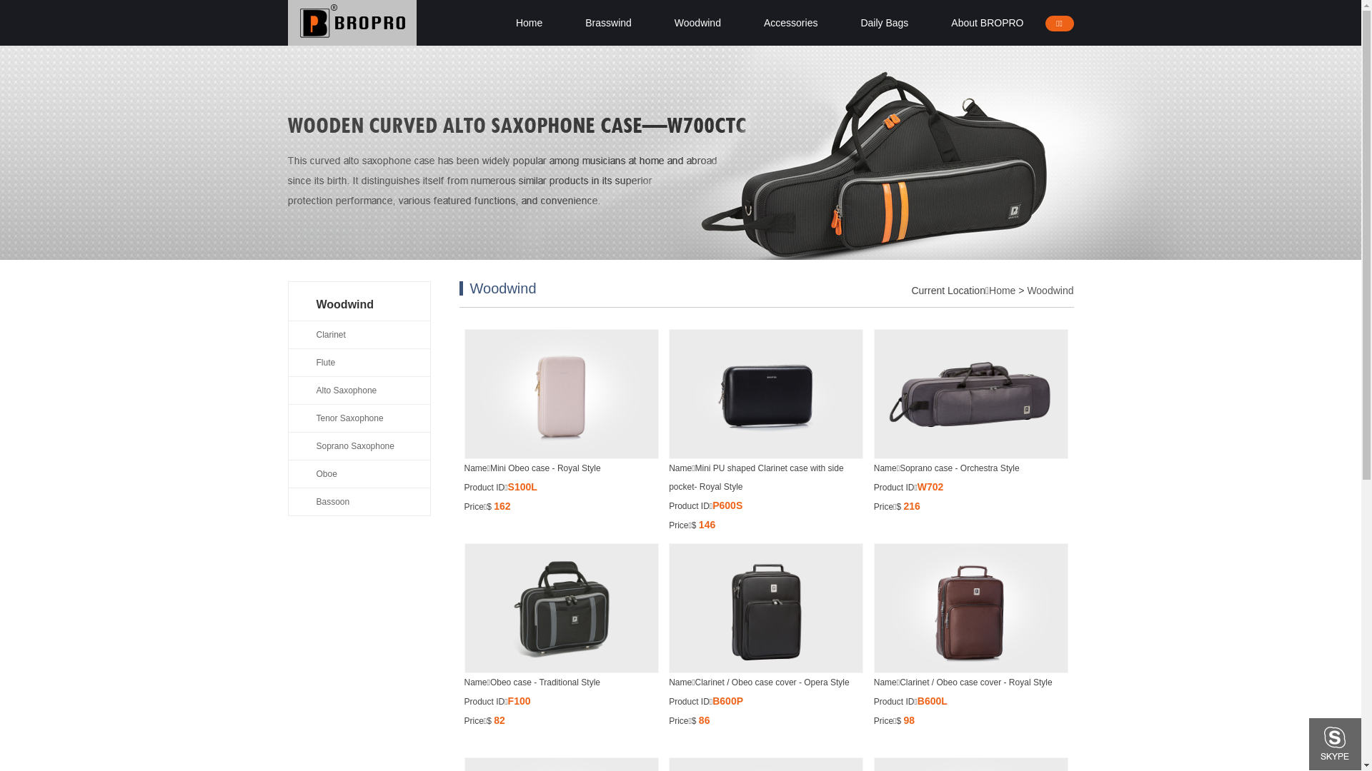 Image resolution: width=1372 pixels, height=771 pixels. What do you see at coordinates (608, 22) in the screenshot?
I see `'Brasswind'` at bounding box center [608, 22].